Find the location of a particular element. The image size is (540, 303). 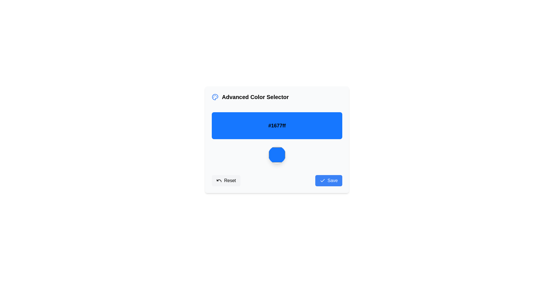

the 'Save' button which contains the save icon located at the bottom-right corner of the visible interface is located at coordinates (322, 181).